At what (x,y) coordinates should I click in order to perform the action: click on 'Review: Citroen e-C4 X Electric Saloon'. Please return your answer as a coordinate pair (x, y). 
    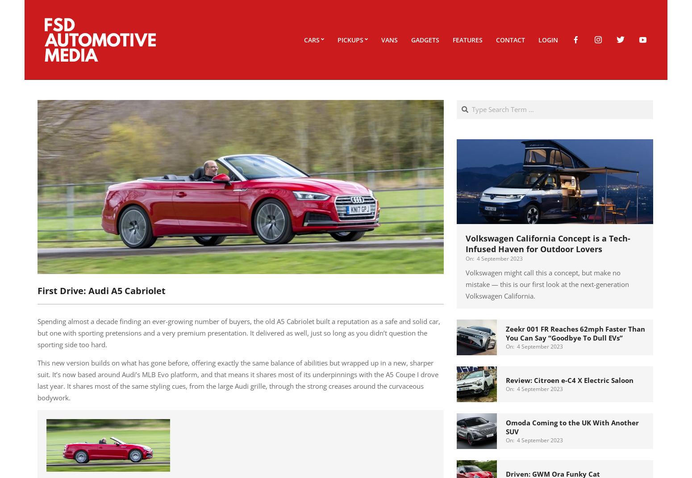
    Looking at the image, I should click on (505, 380).